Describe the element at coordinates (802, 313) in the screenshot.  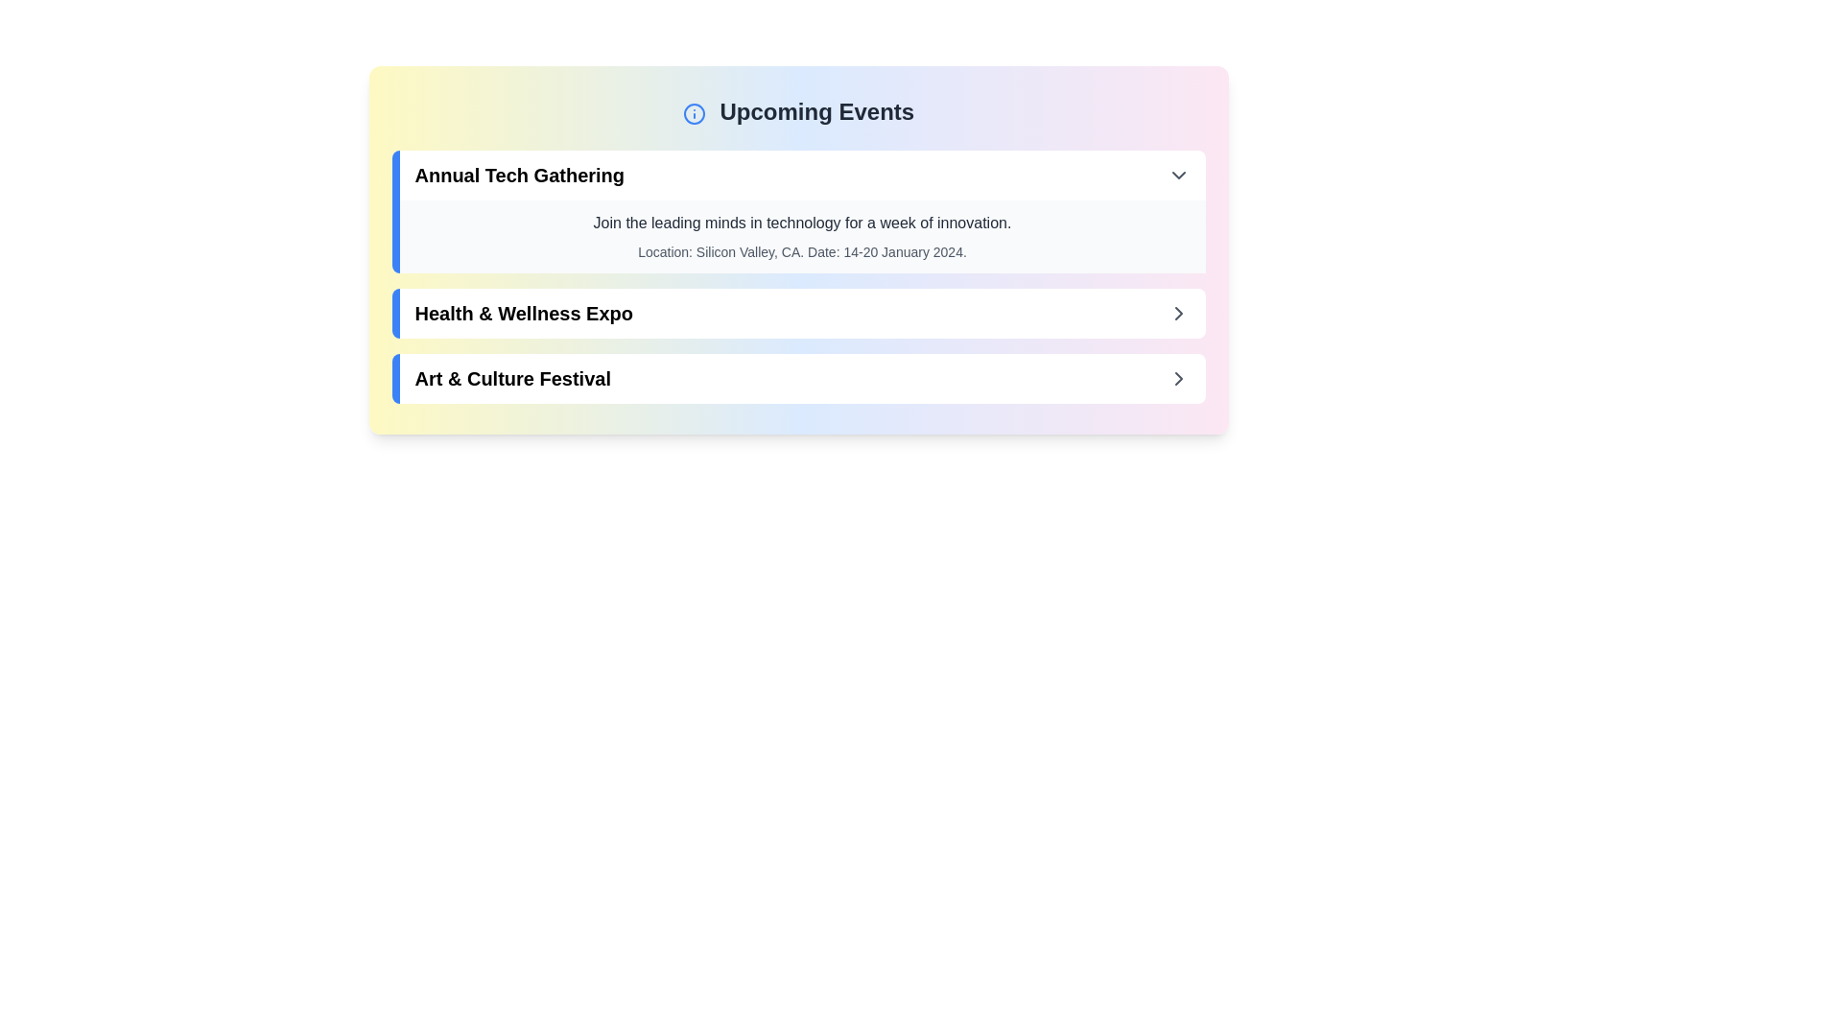
I see `the second button in the 'Upcoming Events' section, which represents the 'Health & Wellness Expo'` at that location.